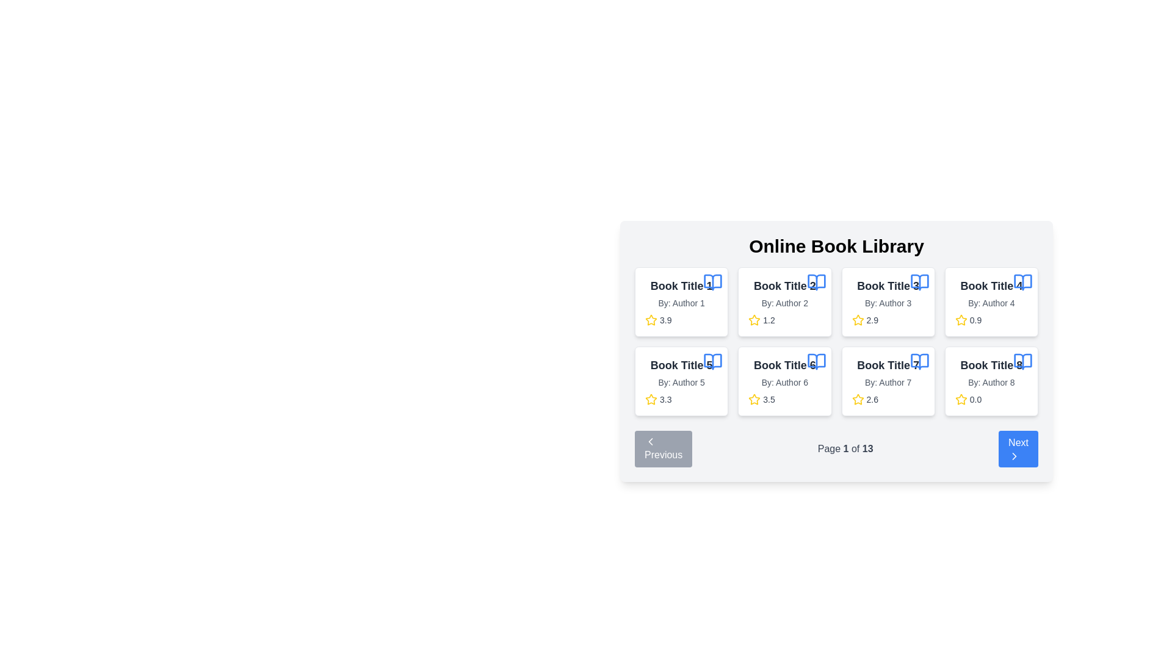  Describe the element at coordinates (784, 303) in the screenshot. I see `the text label 'By: Author 2' located beneath the book title 'Book Title 2' in the book card` at that location.